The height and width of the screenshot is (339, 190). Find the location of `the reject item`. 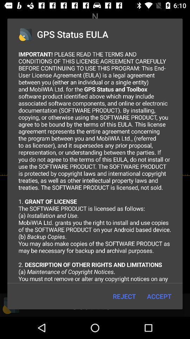

the reject item is located at coordinates (124, 296).